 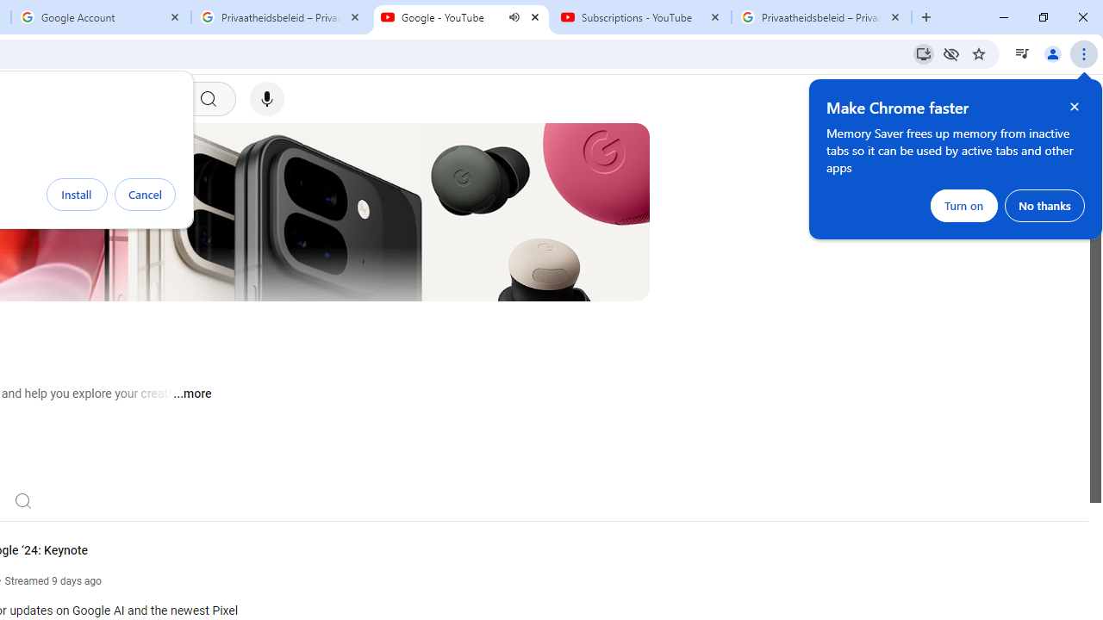 I want to click on 'No thanks', so click(x=1044, y=205).